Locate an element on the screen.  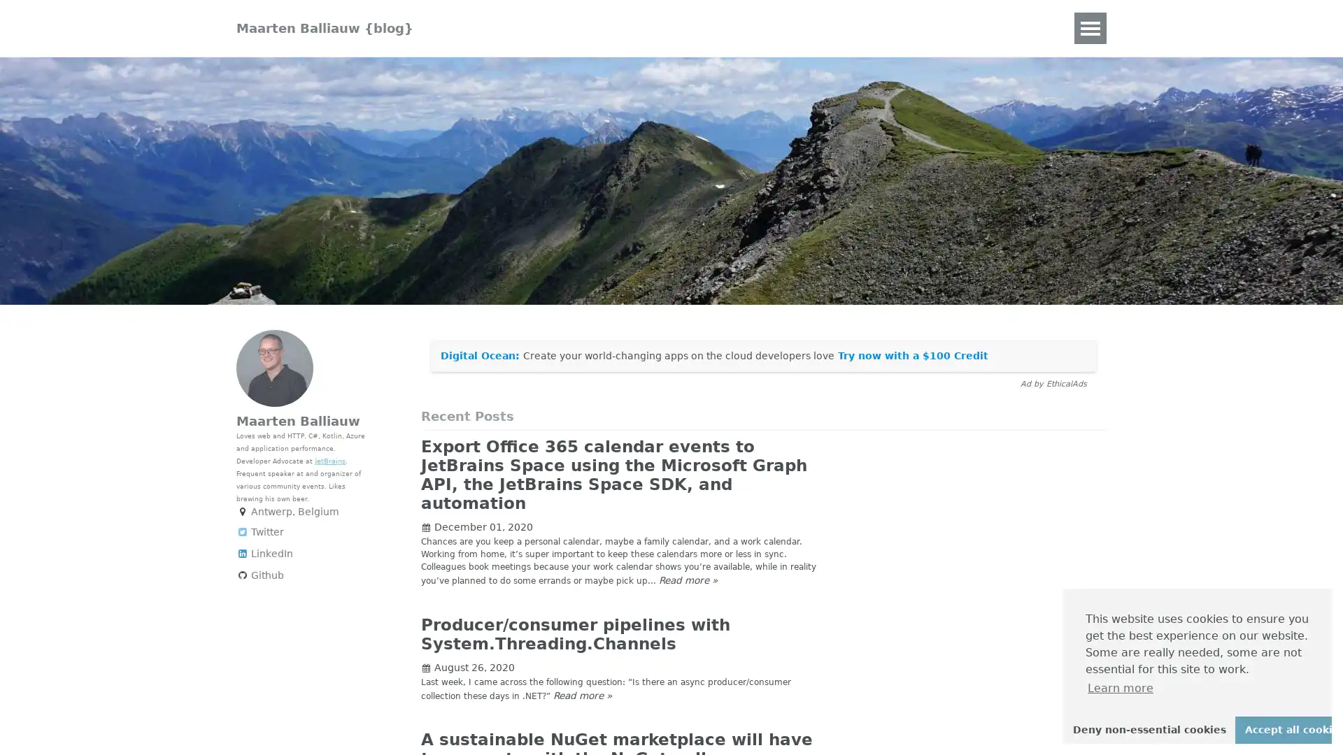
learn more about cookies is located at coordinates (1121, 687).